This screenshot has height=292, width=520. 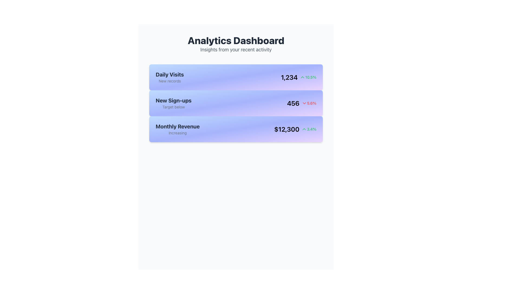 I want to click on the Informational card displaying monthly revenue, which is the third card in a vertical stack of three, located below the 'Daily Visits' and 'New Sign-ups' cards, so click(x=236, y=129).